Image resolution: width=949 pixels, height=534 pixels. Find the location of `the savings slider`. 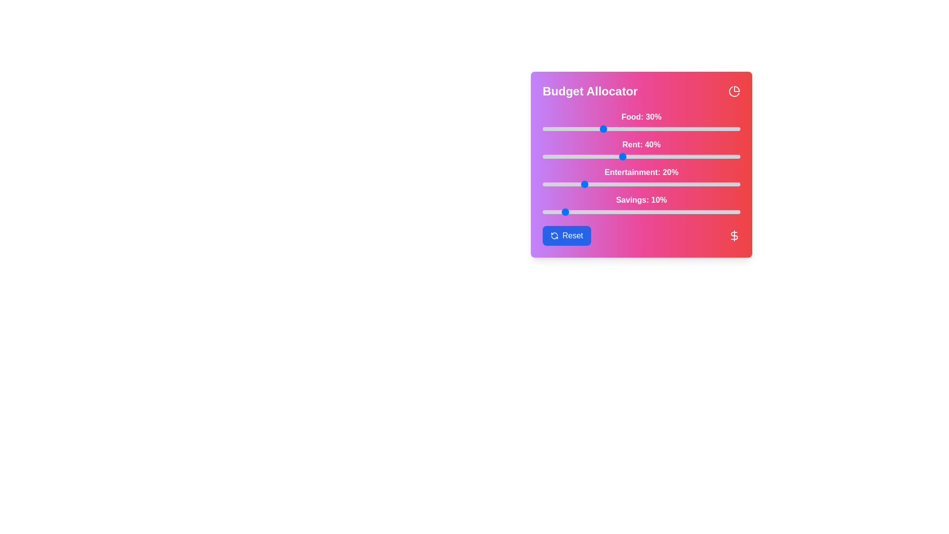

the savings slider is located at coordinates (671, 211).